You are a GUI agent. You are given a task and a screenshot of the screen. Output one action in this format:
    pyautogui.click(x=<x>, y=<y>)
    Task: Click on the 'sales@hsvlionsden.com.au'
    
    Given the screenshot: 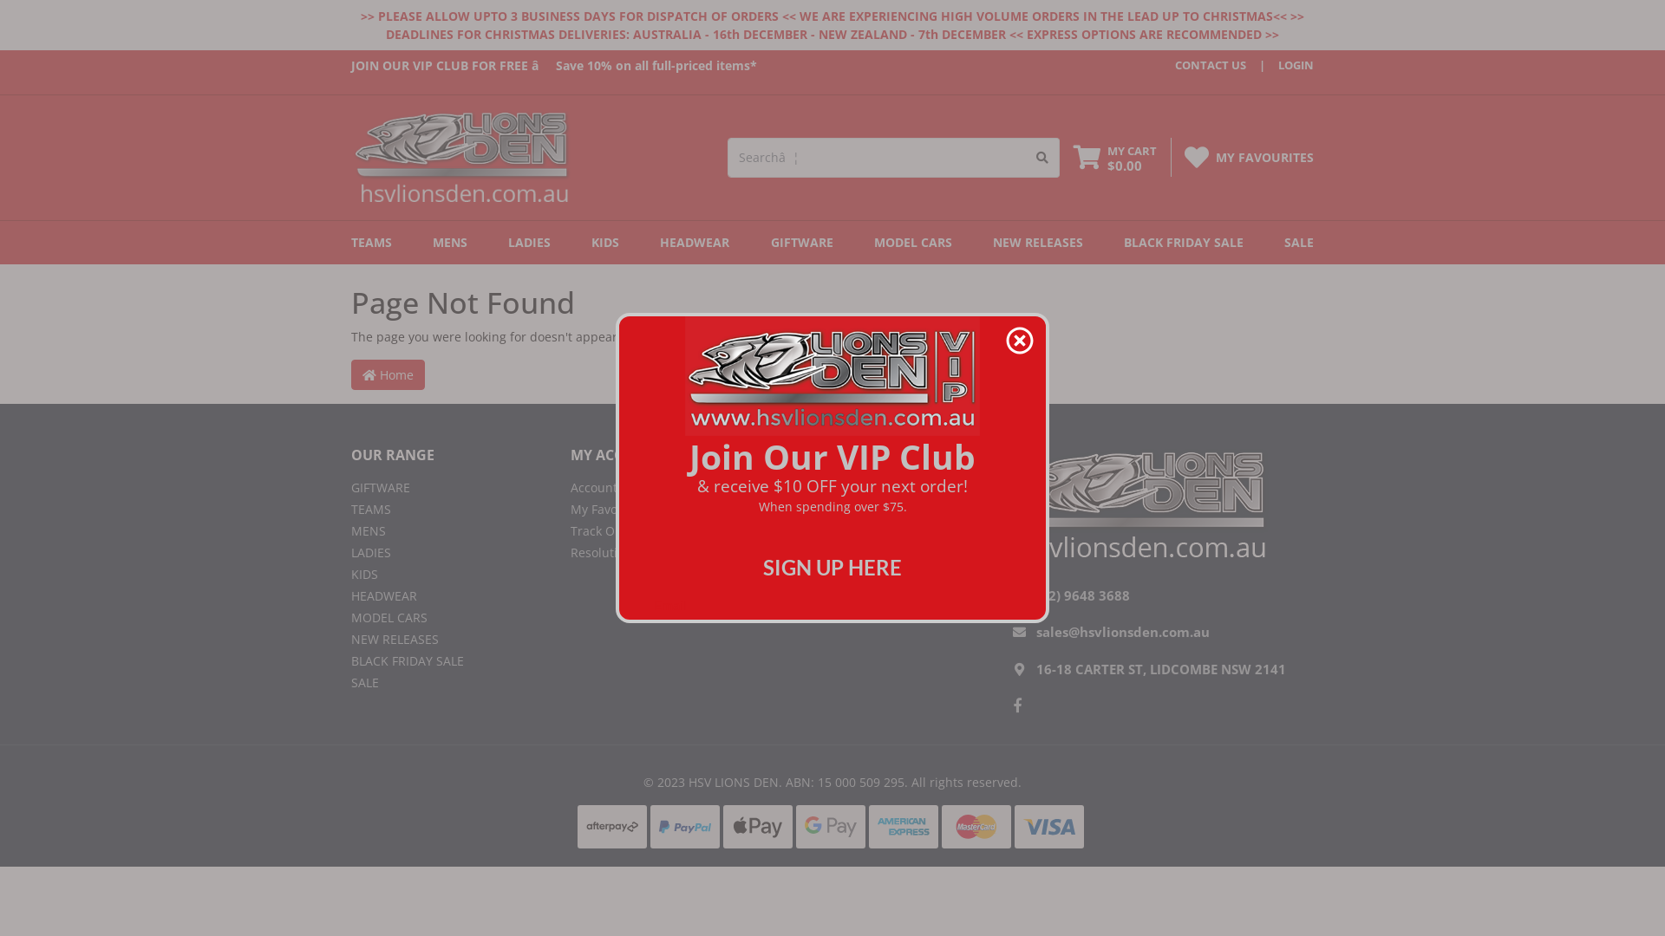 What is the action you would take?
    pyautogui.click(x=1123, y=632)
    